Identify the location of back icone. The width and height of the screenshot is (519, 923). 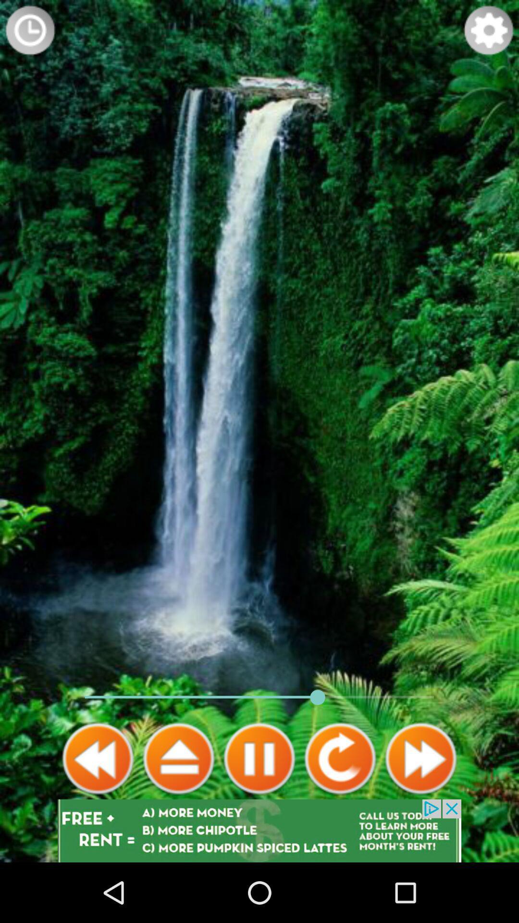
(98, 758).